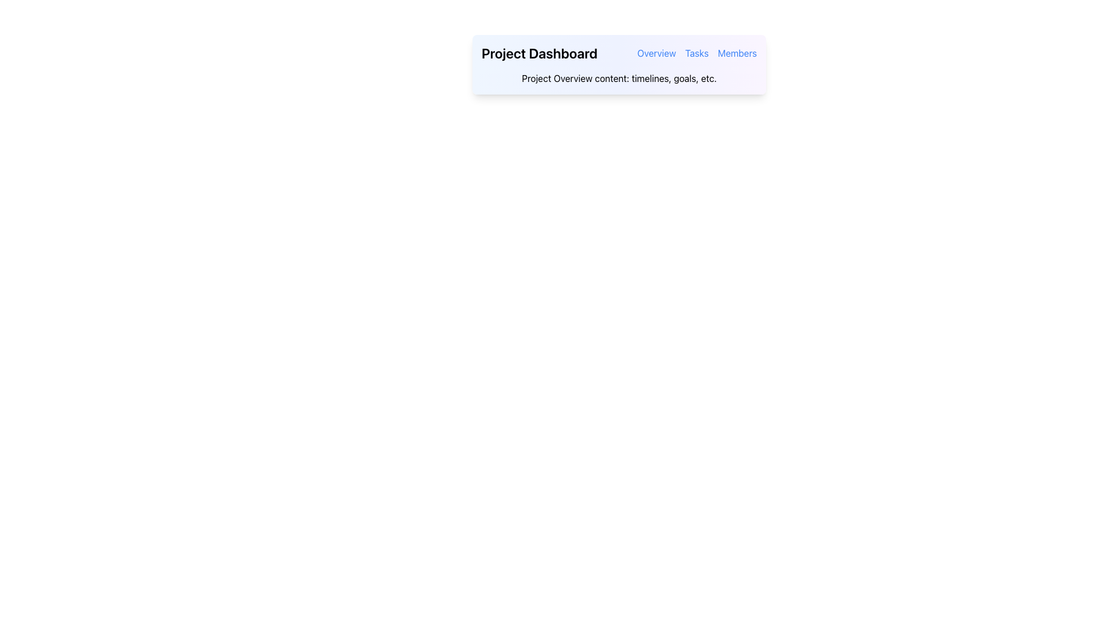 The image size is (1101, 619). I want to click on the 'Tasks' hyperlink in the navigation bar to observe the hover styling effect, so click(696, 53).